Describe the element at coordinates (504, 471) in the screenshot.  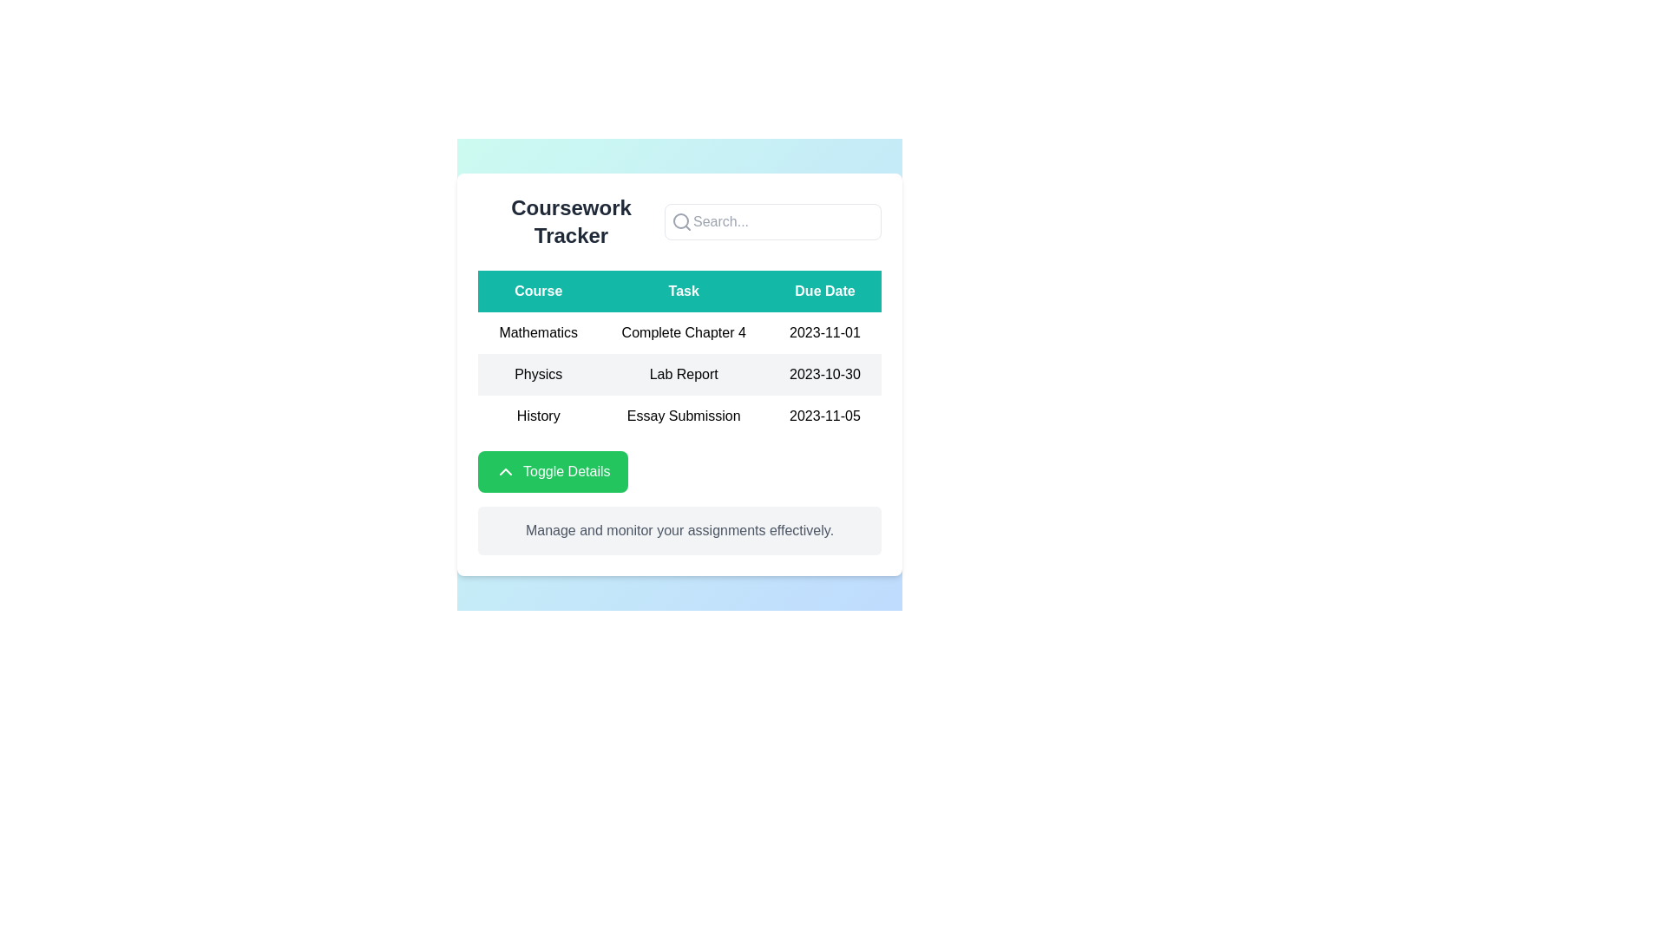
I see `the chevron icon inside the 'Toggle Details' button to trigger hover effects` at that location.